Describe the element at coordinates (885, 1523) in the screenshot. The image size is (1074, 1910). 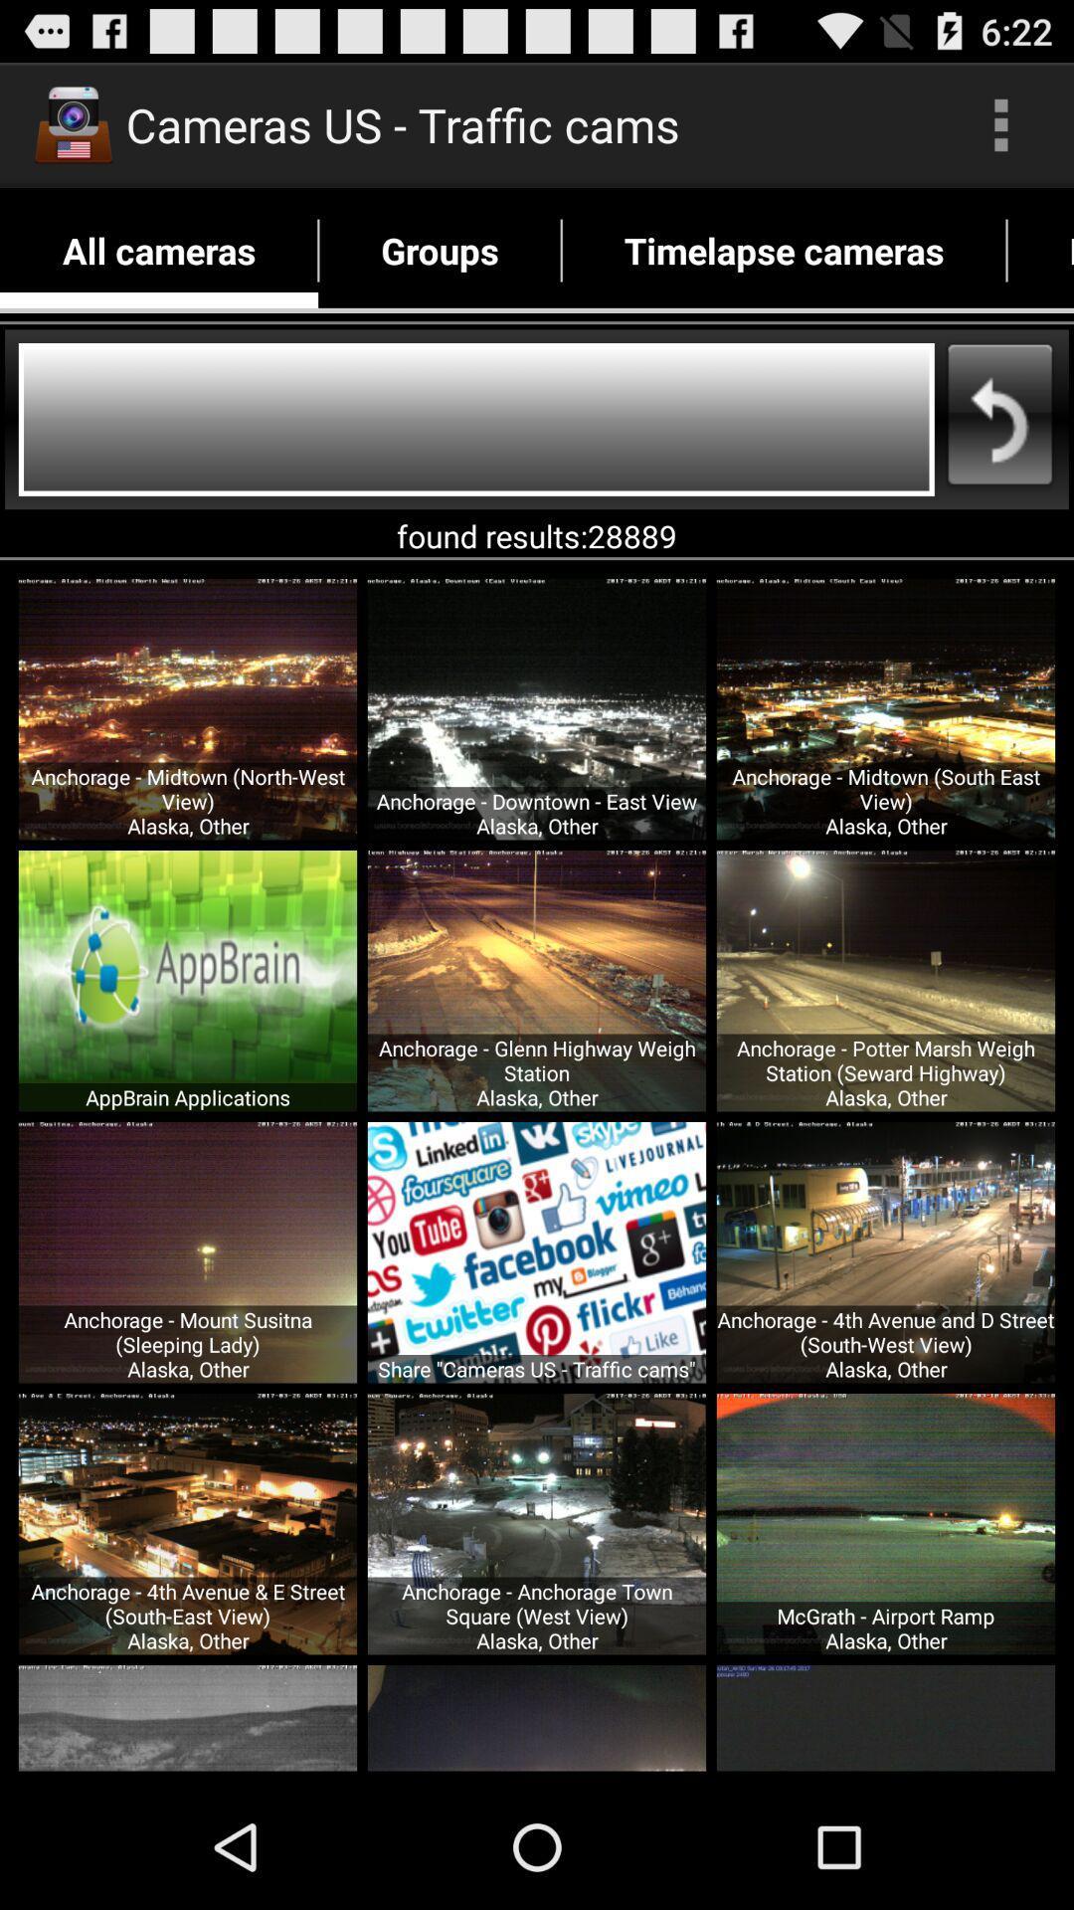
I see `the fourth image in third row from left` at that location.